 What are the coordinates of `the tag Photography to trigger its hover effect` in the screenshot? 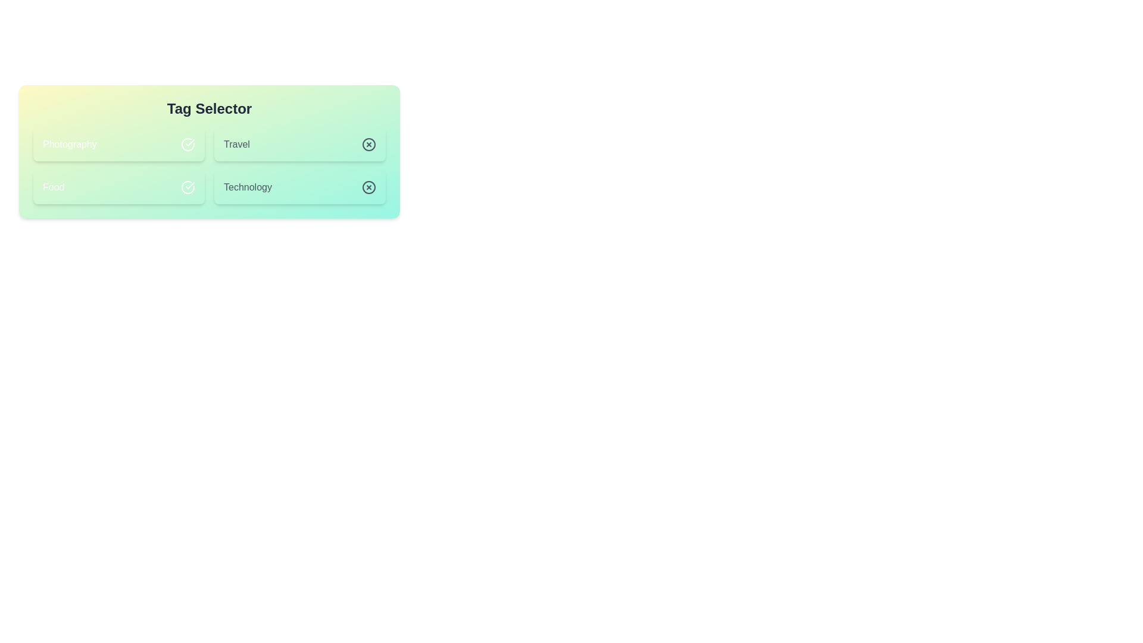 It's located at (119, 144).